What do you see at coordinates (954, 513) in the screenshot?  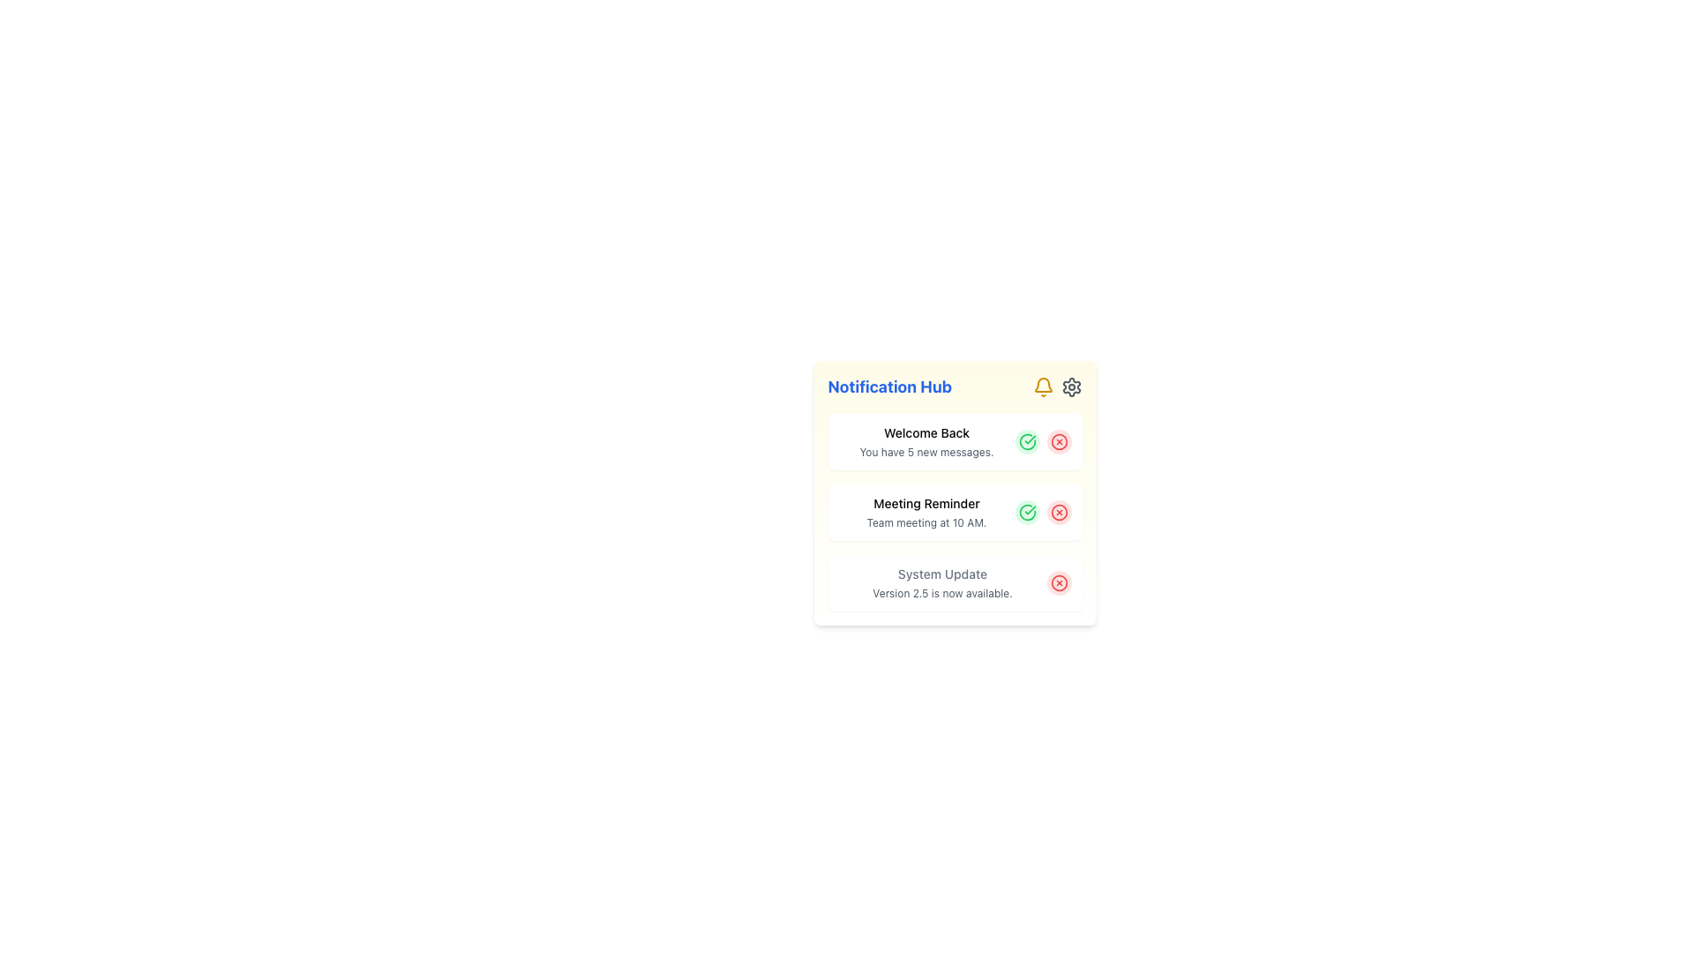 I see `the middle Notification card in the Notification Hub, which provides information about a scheduled team meeting and interactive options` at bounding box center [954, 513].